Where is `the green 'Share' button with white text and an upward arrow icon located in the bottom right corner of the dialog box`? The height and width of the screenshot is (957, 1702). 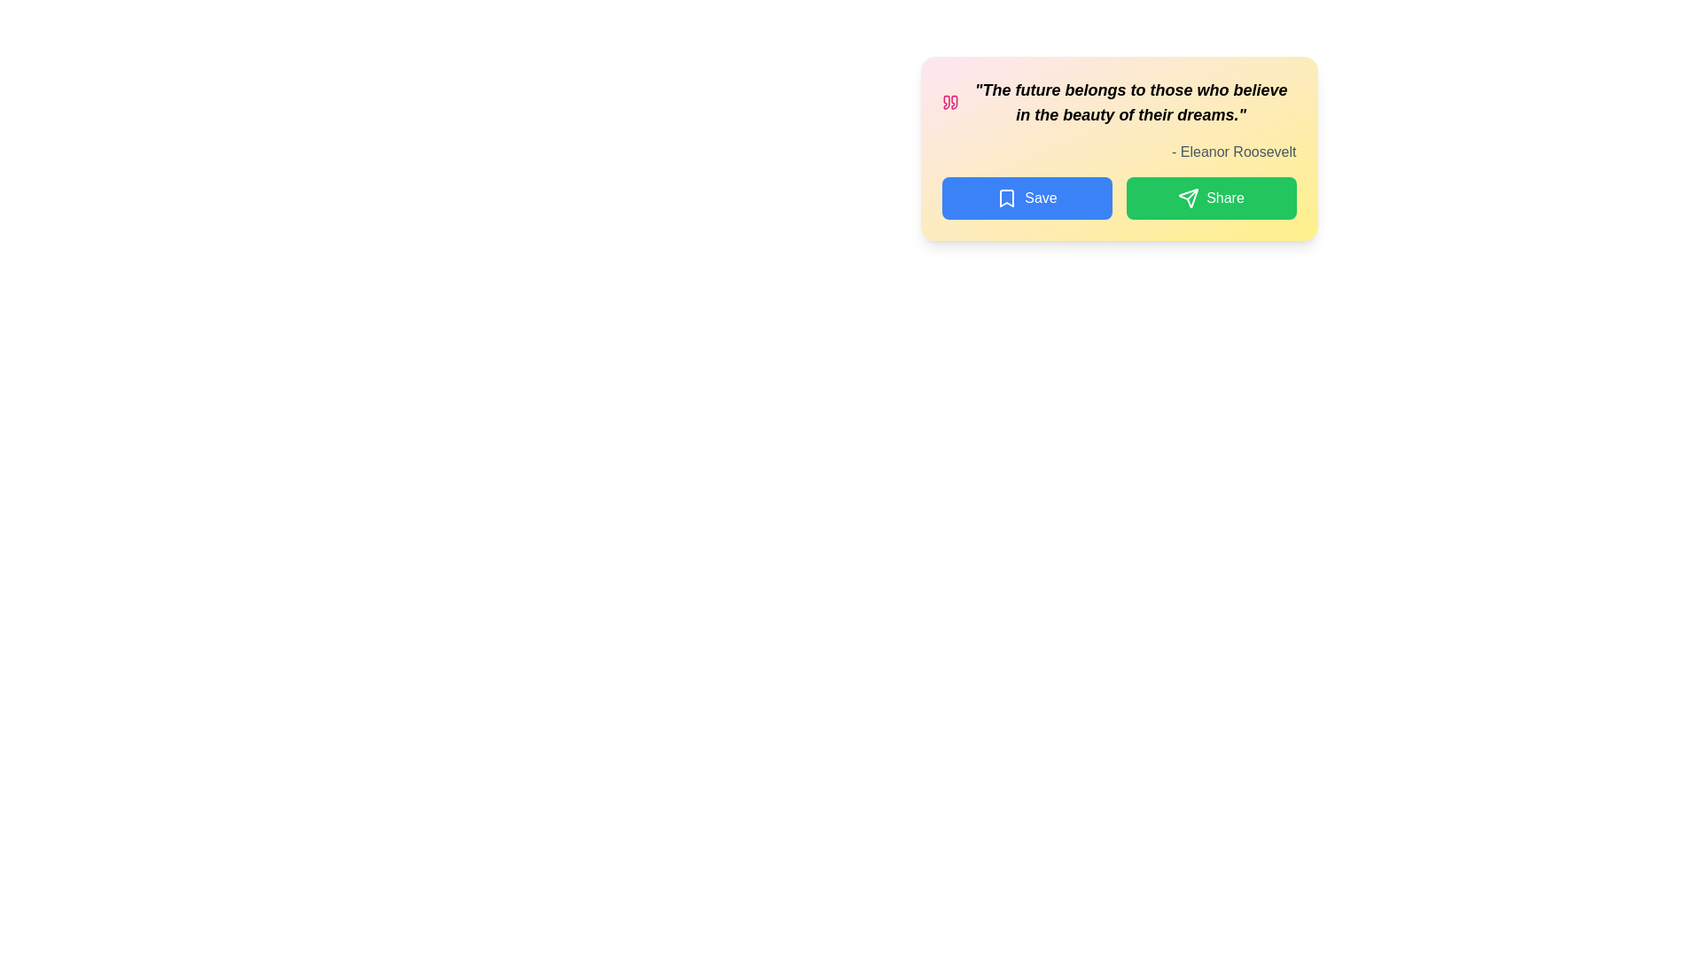
the green 'Share' button with white text and an upward arrow icon located in the bottom right corner of the dialog box is located at coordinates (1210, 198).